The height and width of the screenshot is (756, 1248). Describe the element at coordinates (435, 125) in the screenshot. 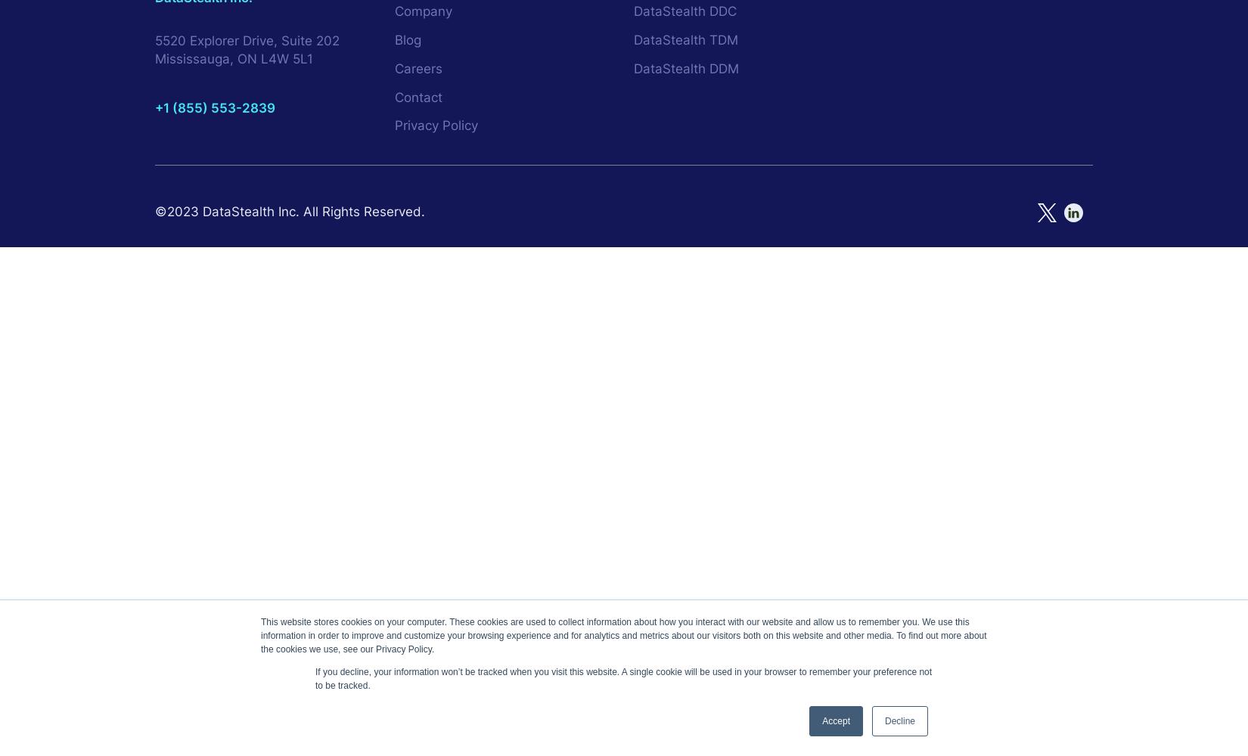

I see `'Privacy Policy'` at that location.